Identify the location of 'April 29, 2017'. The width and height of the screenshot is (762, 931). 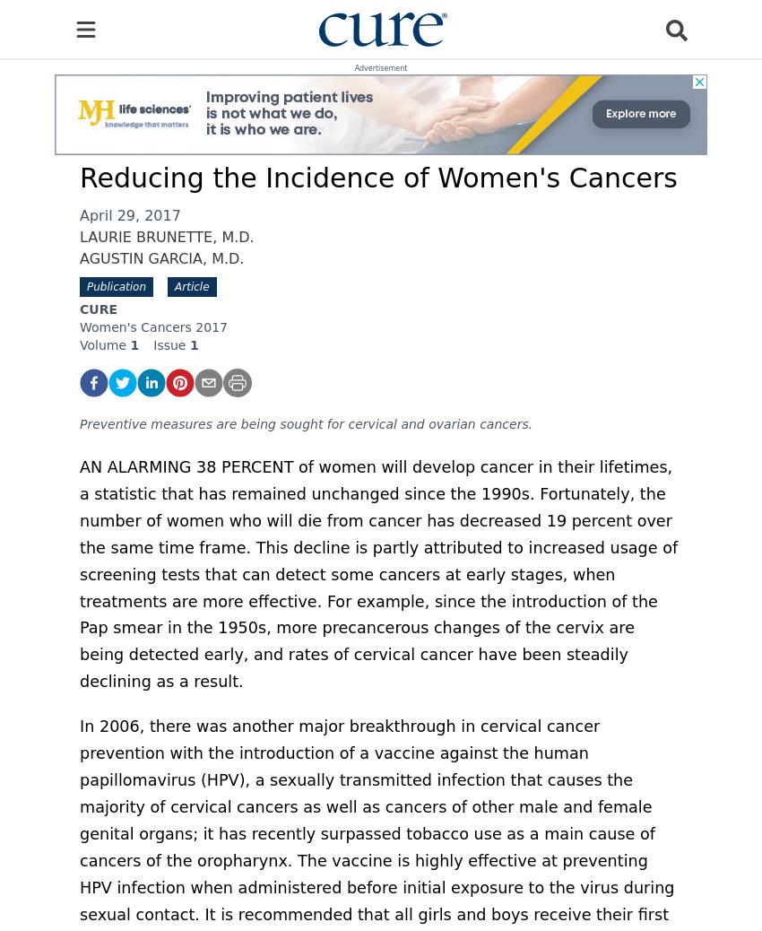
(130, 214).